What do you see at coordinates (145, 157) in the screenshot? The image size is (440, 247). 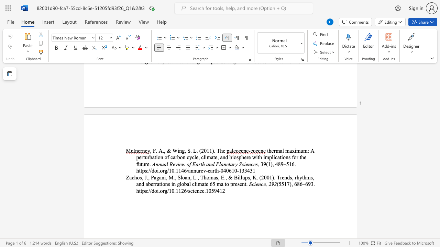 I see `the space between the continuous character "t" and "u" in the text` at bounding box center [145, 157].